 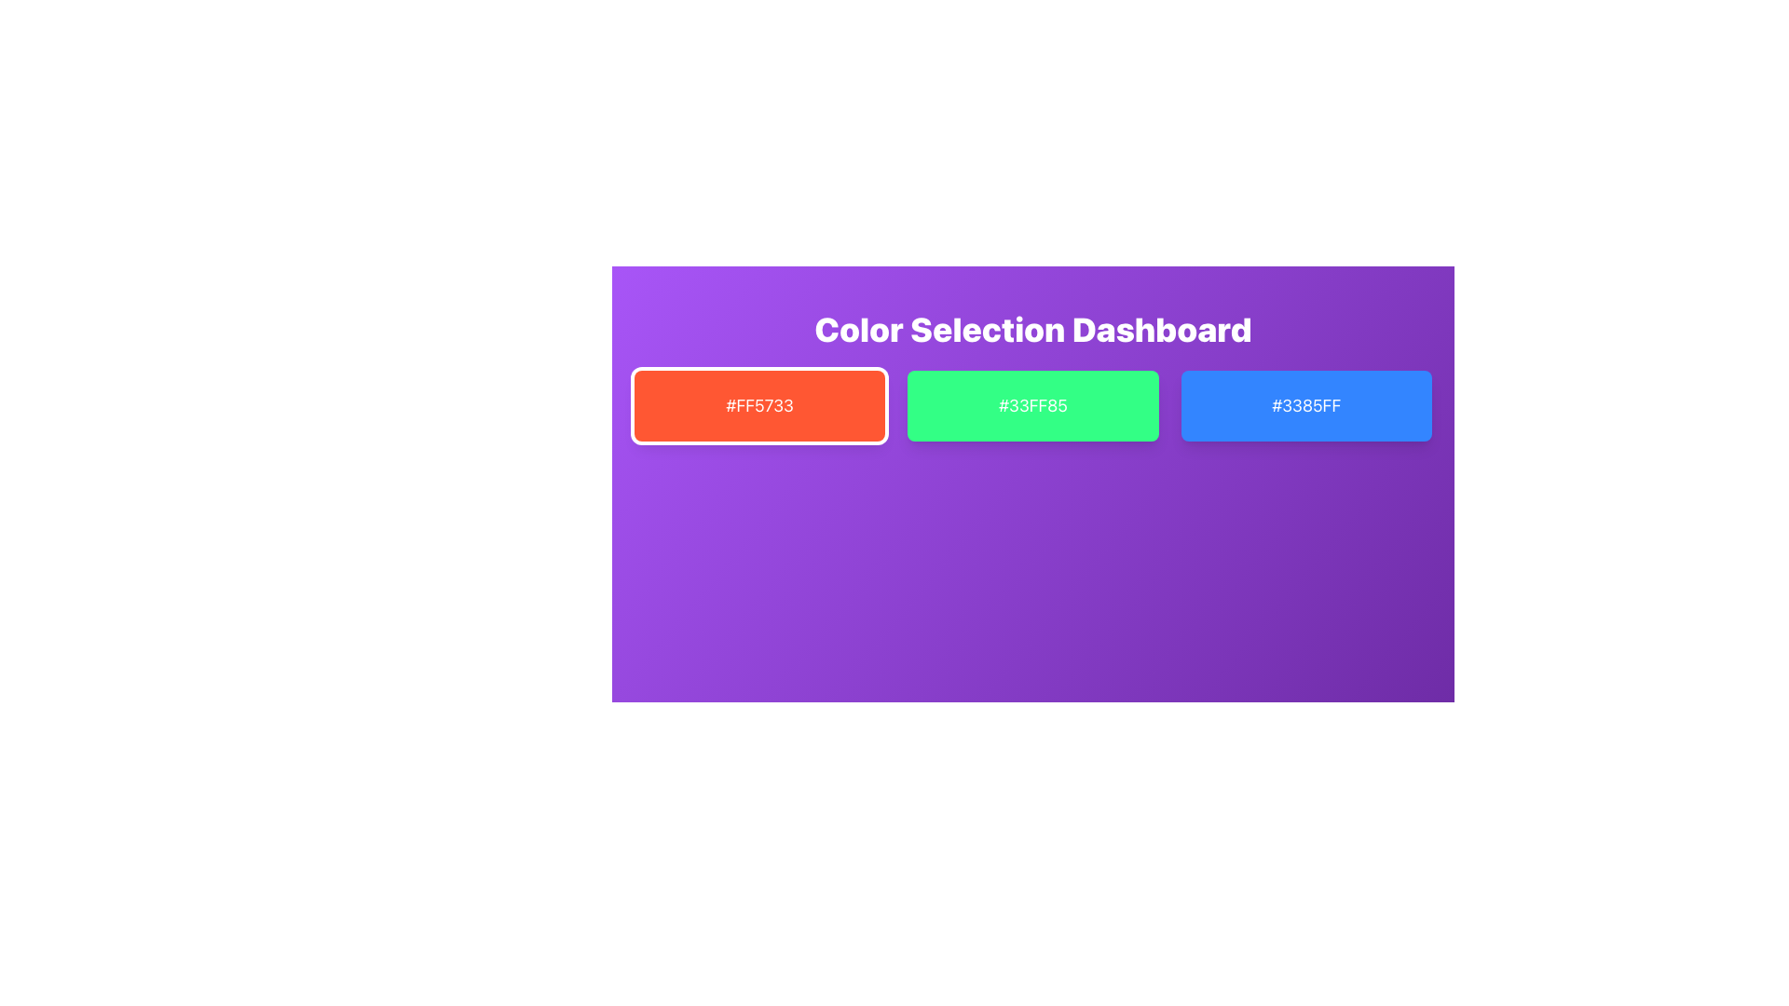 What do you see at coordinates (1031, 404) in the screenshot?
I see `the second colored button in the color selection interface, located between the red element labeled '#FF5733' and the blue element labeled '#3385FF'` at bounding box center [1031, 404].